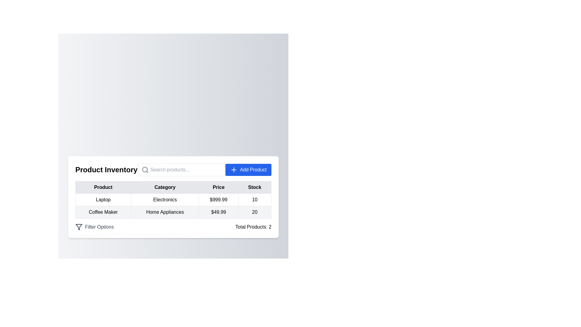 The width and height of the screenshot is (581, 327). I want to click on the blue button labeled 'Add Product', so click(248, 170).